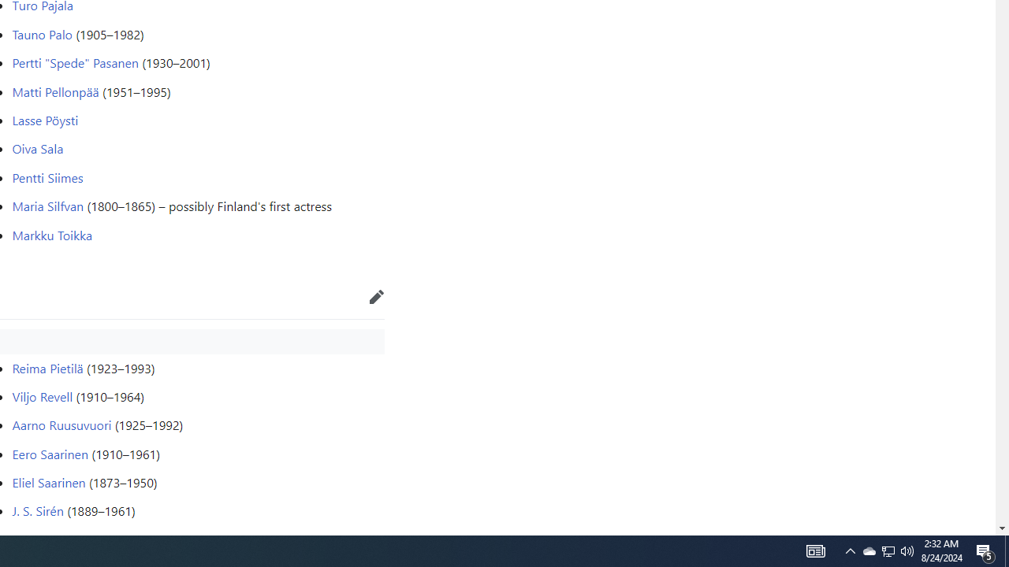 This screenshot has height=567, width=1009. Describe the element at coordinates (42, 33) in the screenshot. I see `'Tauno Palo'` at that location.